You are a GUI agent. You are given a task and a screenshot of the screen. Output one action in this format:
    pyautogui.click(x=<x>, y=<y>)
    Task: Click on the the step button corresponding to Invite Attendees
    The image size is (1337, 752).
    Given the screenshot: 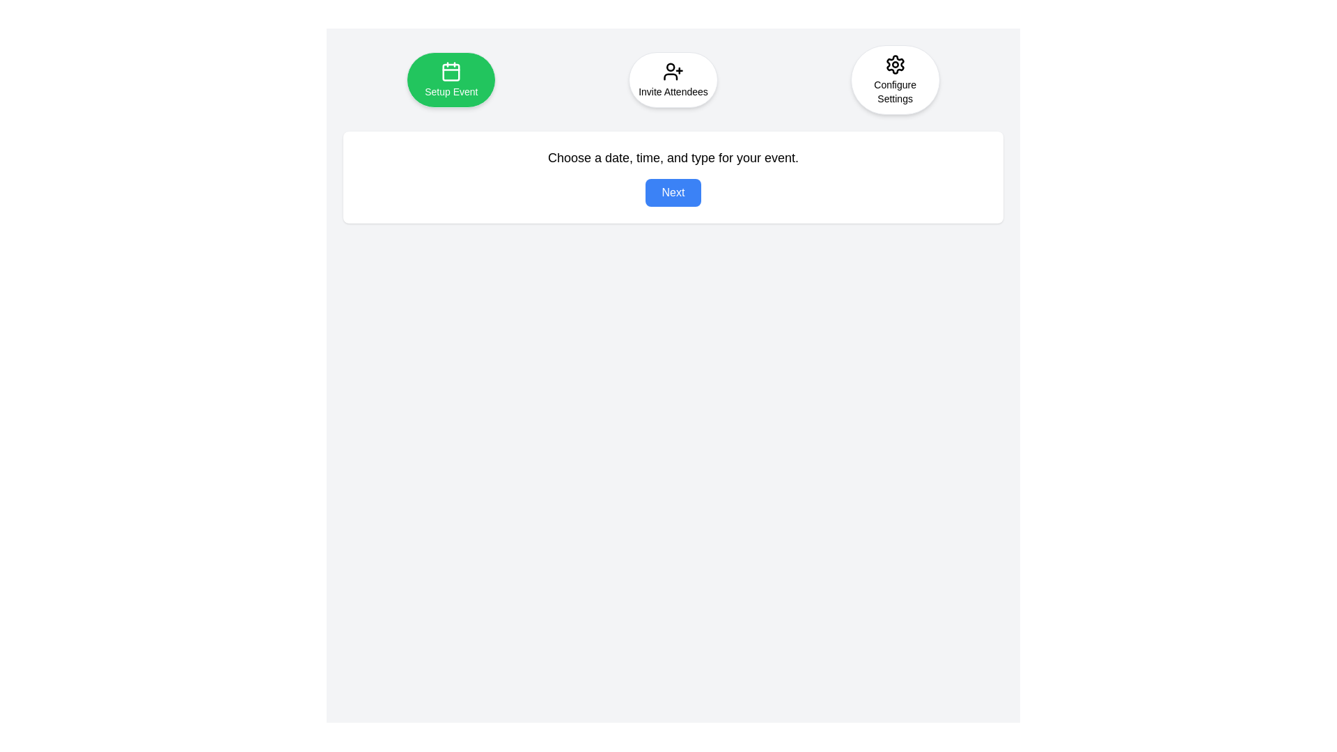 What is the action you would take?
    pyautogui.click(x=673, y=80)
    